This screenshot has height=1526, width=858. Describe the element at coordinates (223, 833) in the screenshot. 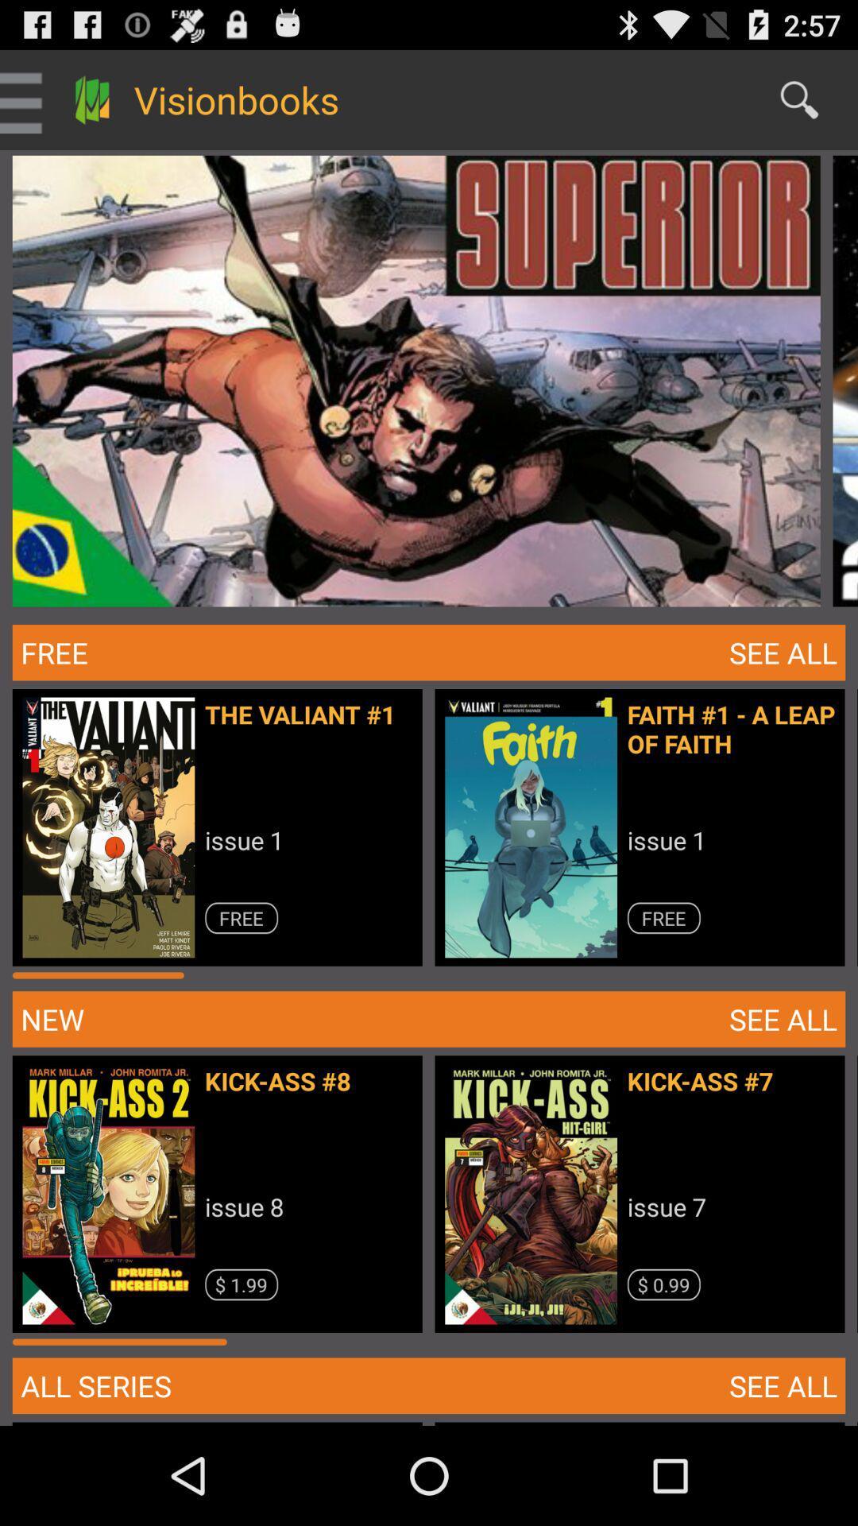

I see `the first box in second row from top` at that location.